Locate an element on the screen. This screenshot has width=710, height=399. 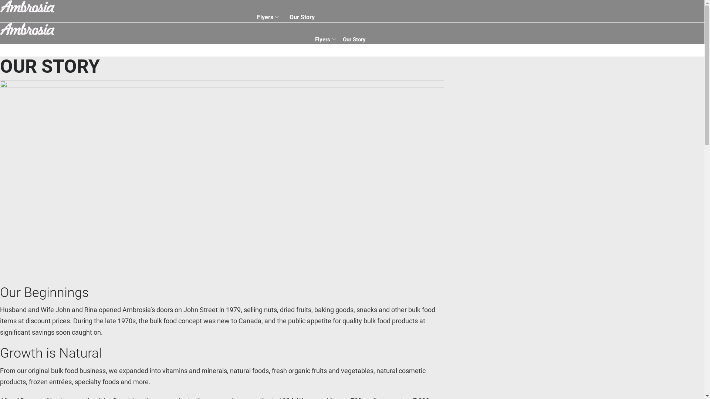
'Our Story' is located at coordinates (302, 17).